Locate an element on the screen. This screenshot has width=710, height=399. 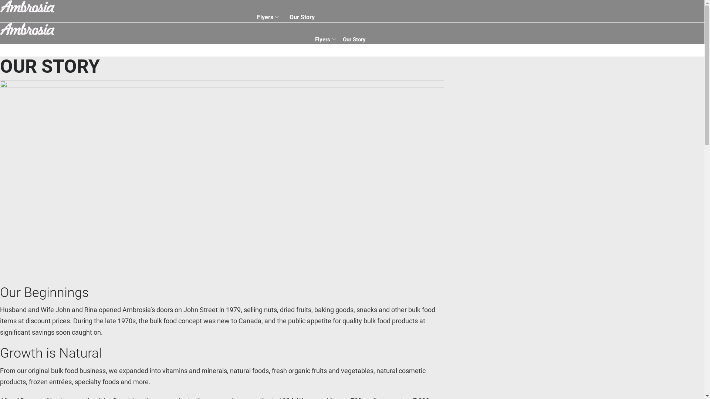
'Our Story' is located at coordinates (302, 17).